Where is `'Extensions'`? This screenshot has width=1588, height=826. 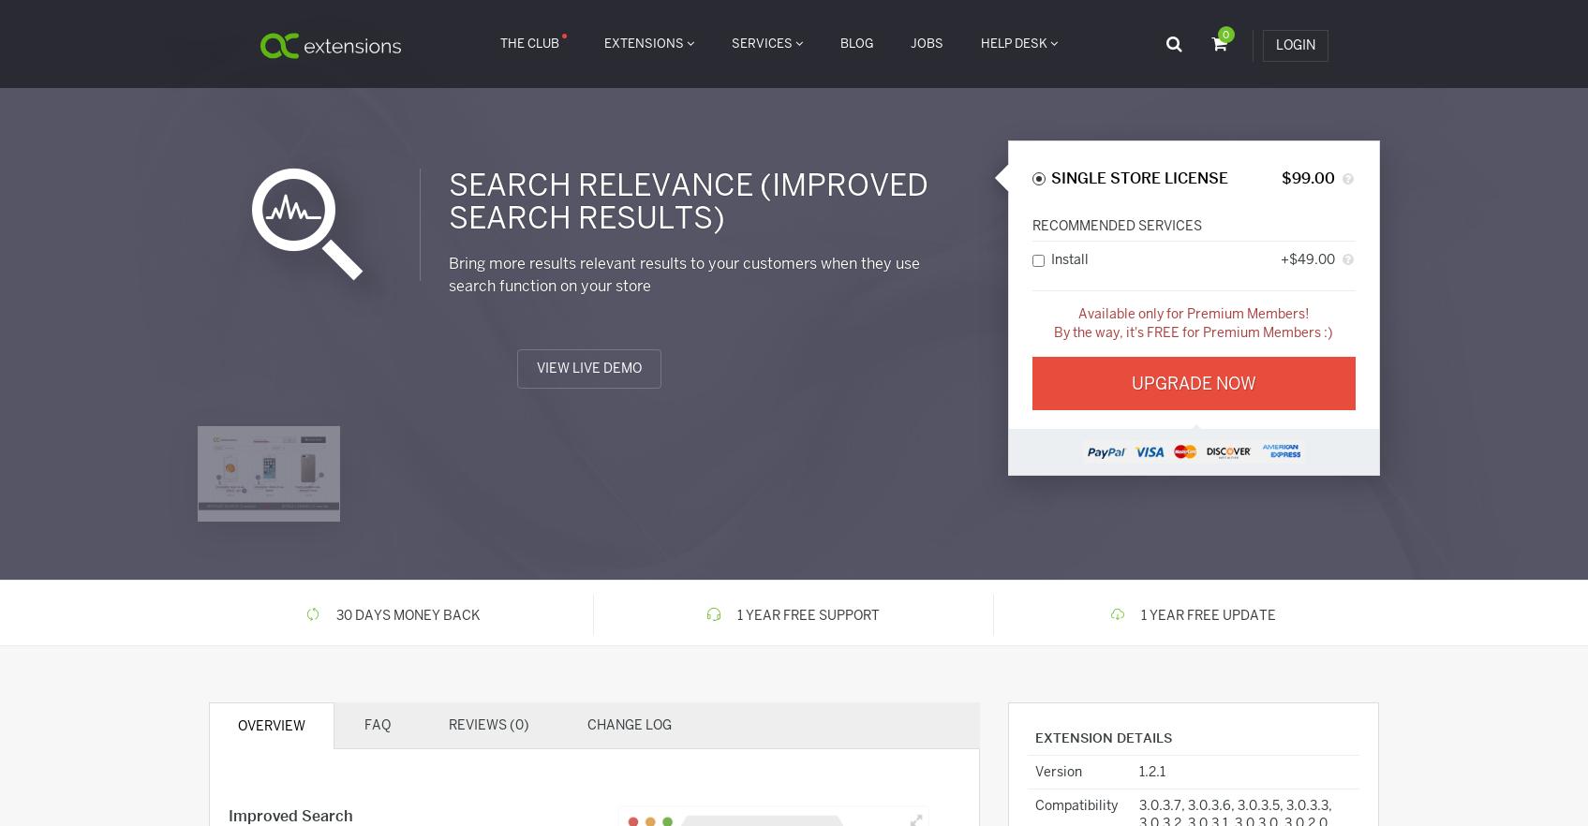 'Extensions' is located at coordinates (646, 42).